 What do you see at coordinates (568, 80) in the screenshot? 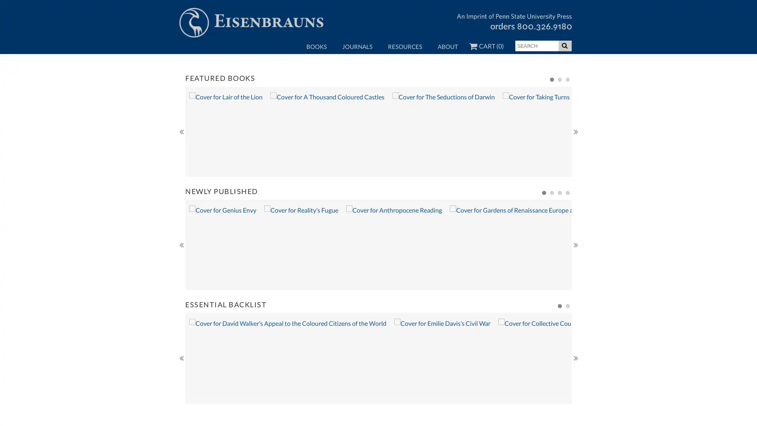
I see `3` at bounding box center [568, 80].